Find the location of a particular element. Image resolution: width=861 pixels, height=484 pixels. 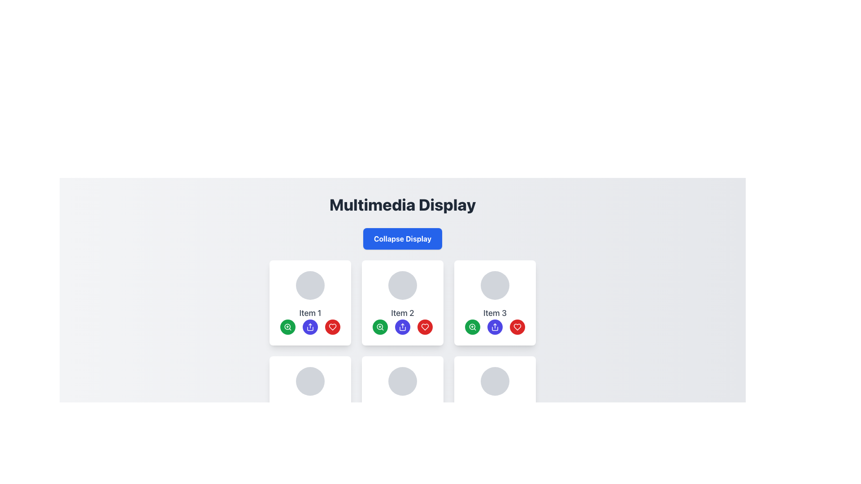

the Card component that contains an image placeholder, text 'Item 4', located at the bottom-left corner of the grid structure, which is the first element in the second row is located at coordinates (310, 398).